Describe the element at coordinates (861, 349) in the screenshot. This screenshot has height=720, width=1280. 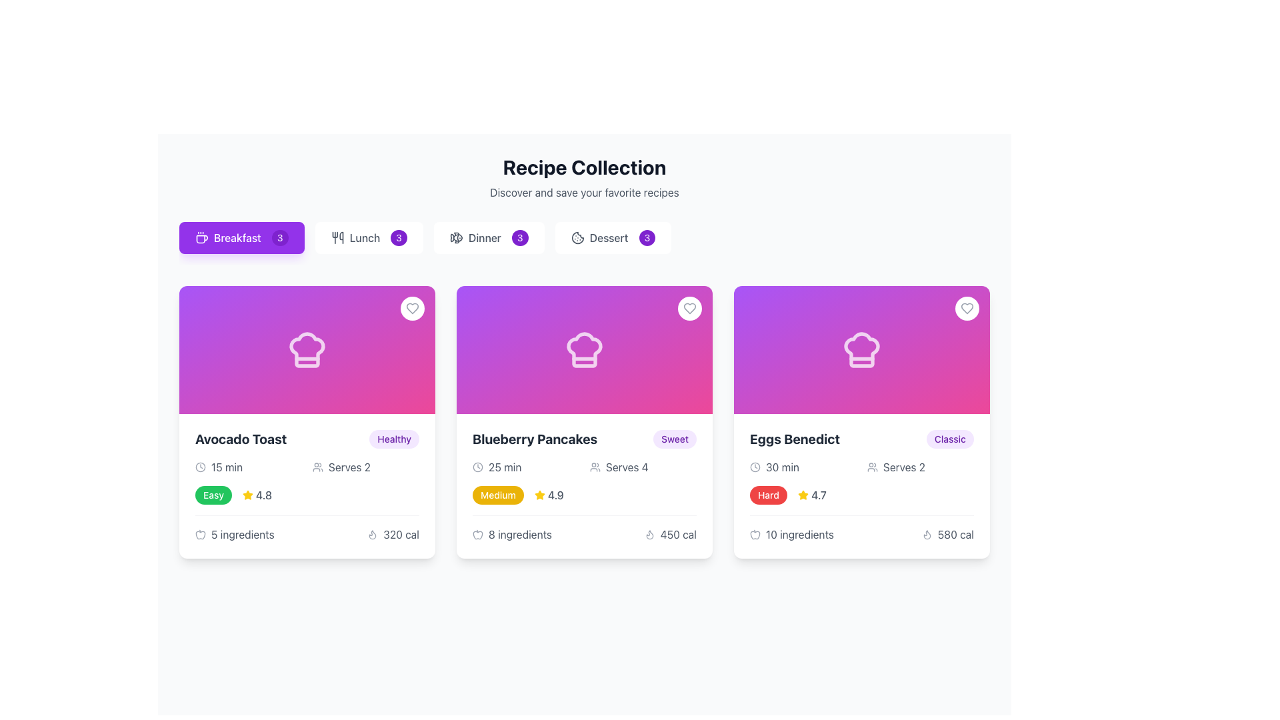
I see `the chef hat icon with a white outline against a vibrant pink to purple gradient background, located in the top center of the 'Eggs Benedict' card` at that location.